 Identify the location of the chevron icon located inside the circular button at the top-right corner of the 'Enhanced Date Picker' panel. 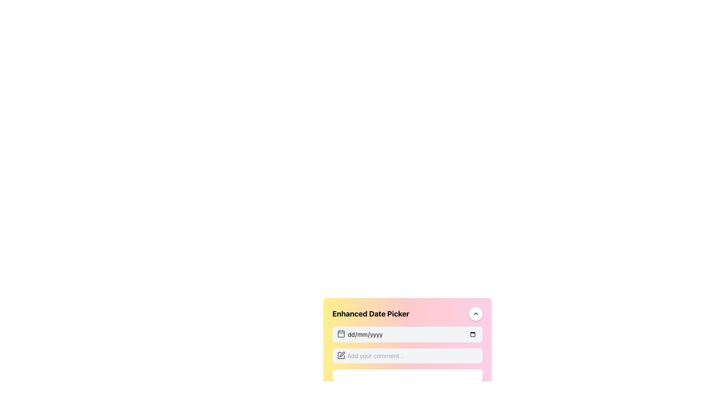
(475, 314).